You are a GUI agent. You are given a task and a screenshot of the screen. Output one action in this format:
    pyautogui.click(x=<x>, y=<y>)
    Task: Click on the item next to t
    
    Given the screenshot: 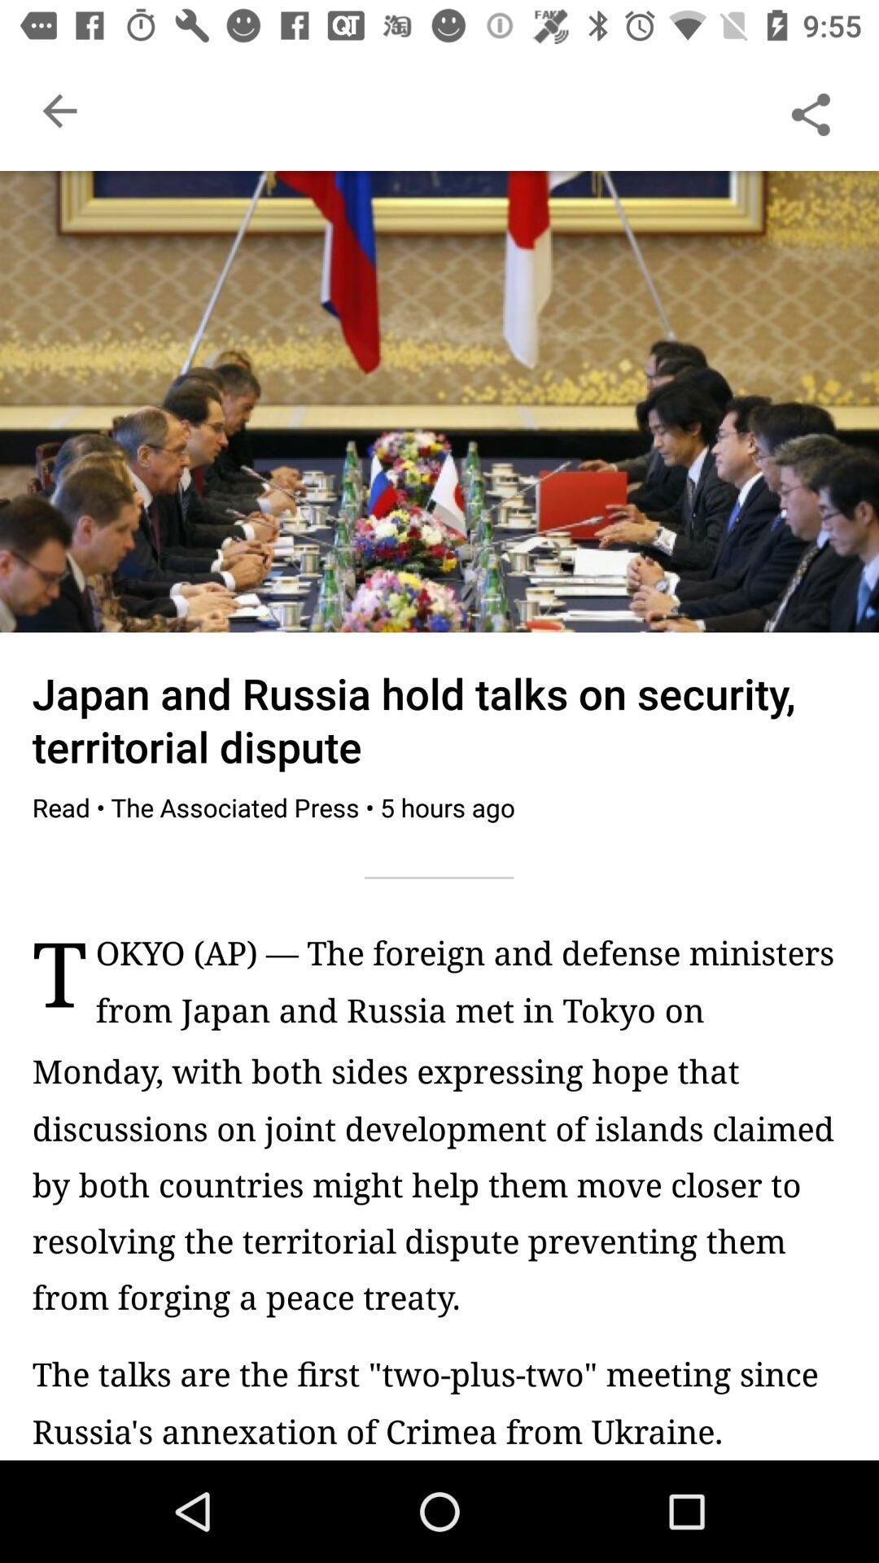 What is the action you would take?
    pyautogui.click(x=470, y=989)
    